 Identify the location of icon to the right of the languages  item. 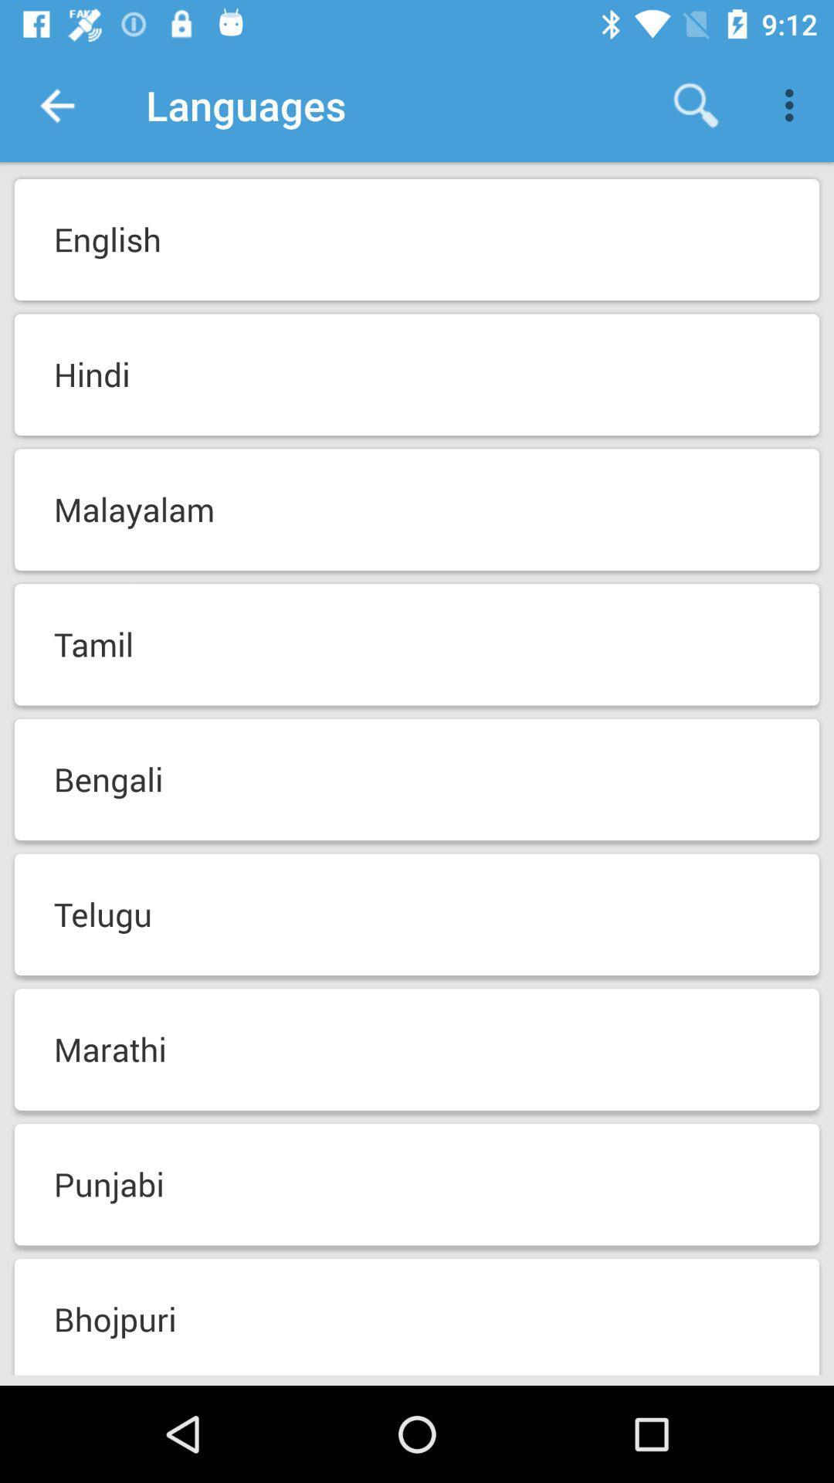
(696, 104).